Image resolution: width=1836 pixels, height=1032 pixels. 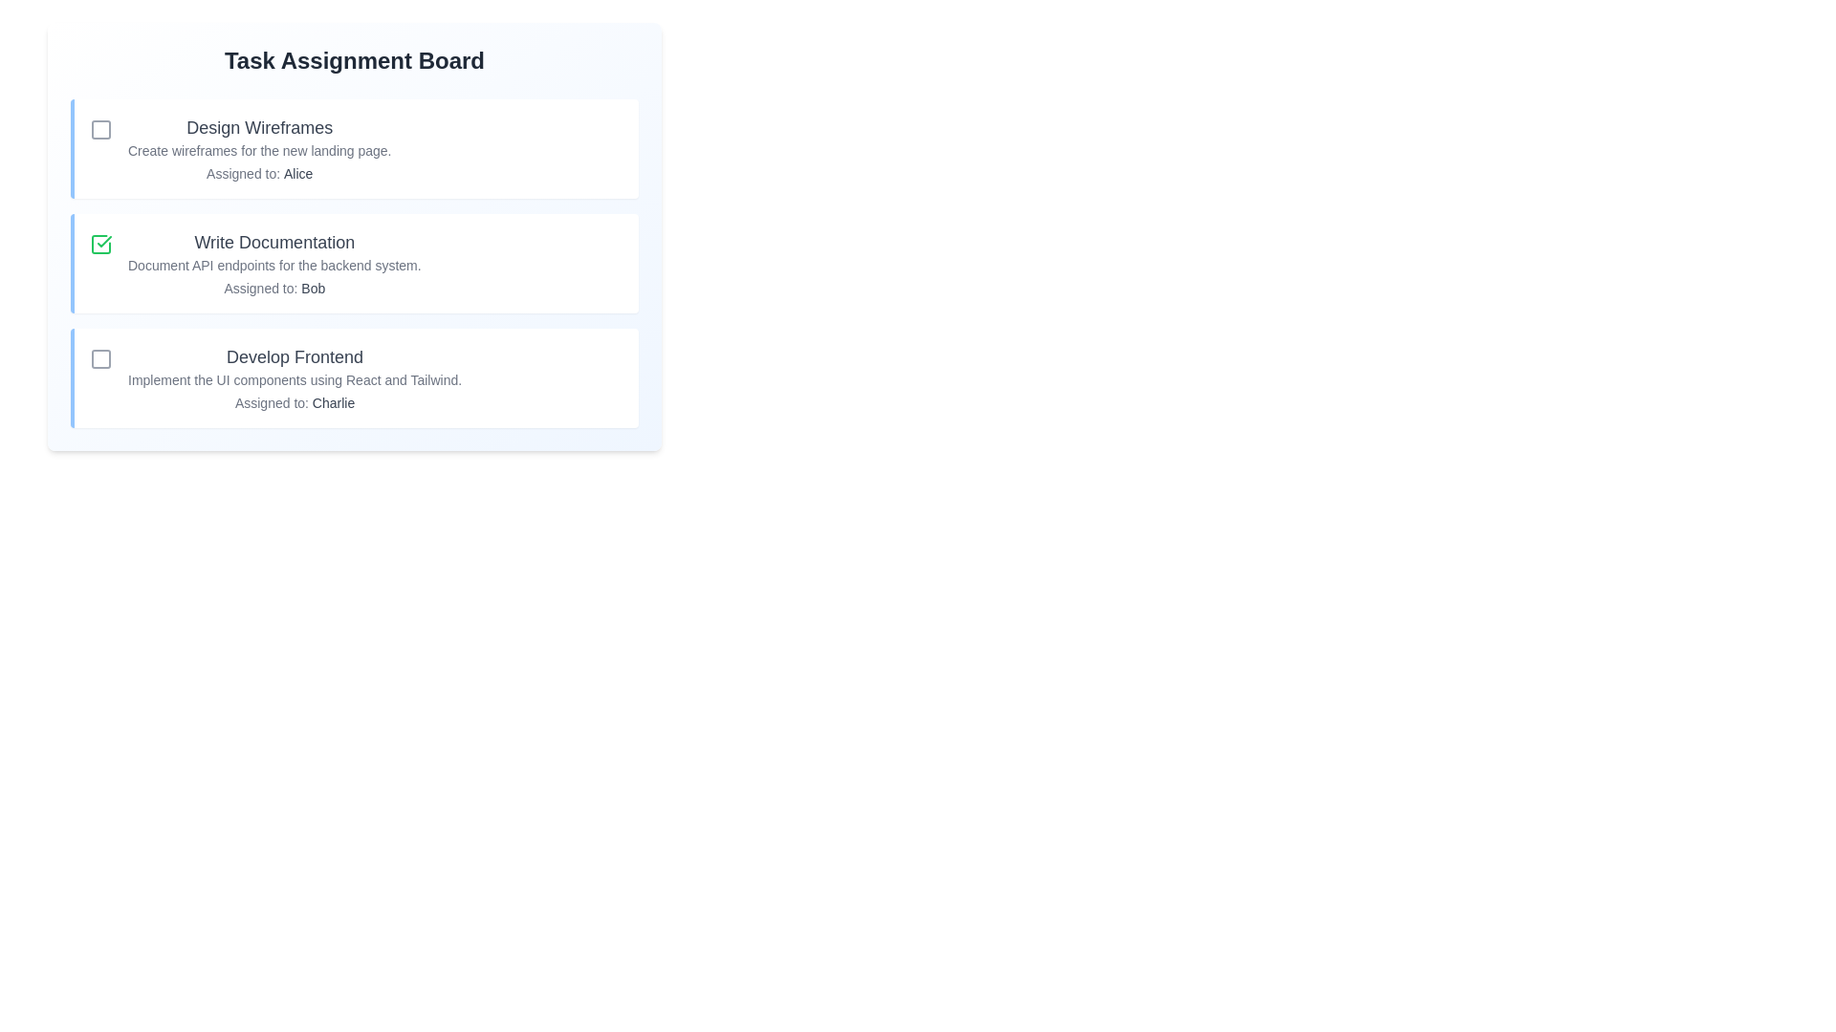 I want to click on the first task card in the task management board, which displays details about a specific task, positioned at the top of the list above 'Write Documentation' and 'Develop Frontend.', so click(x=354, y=147).